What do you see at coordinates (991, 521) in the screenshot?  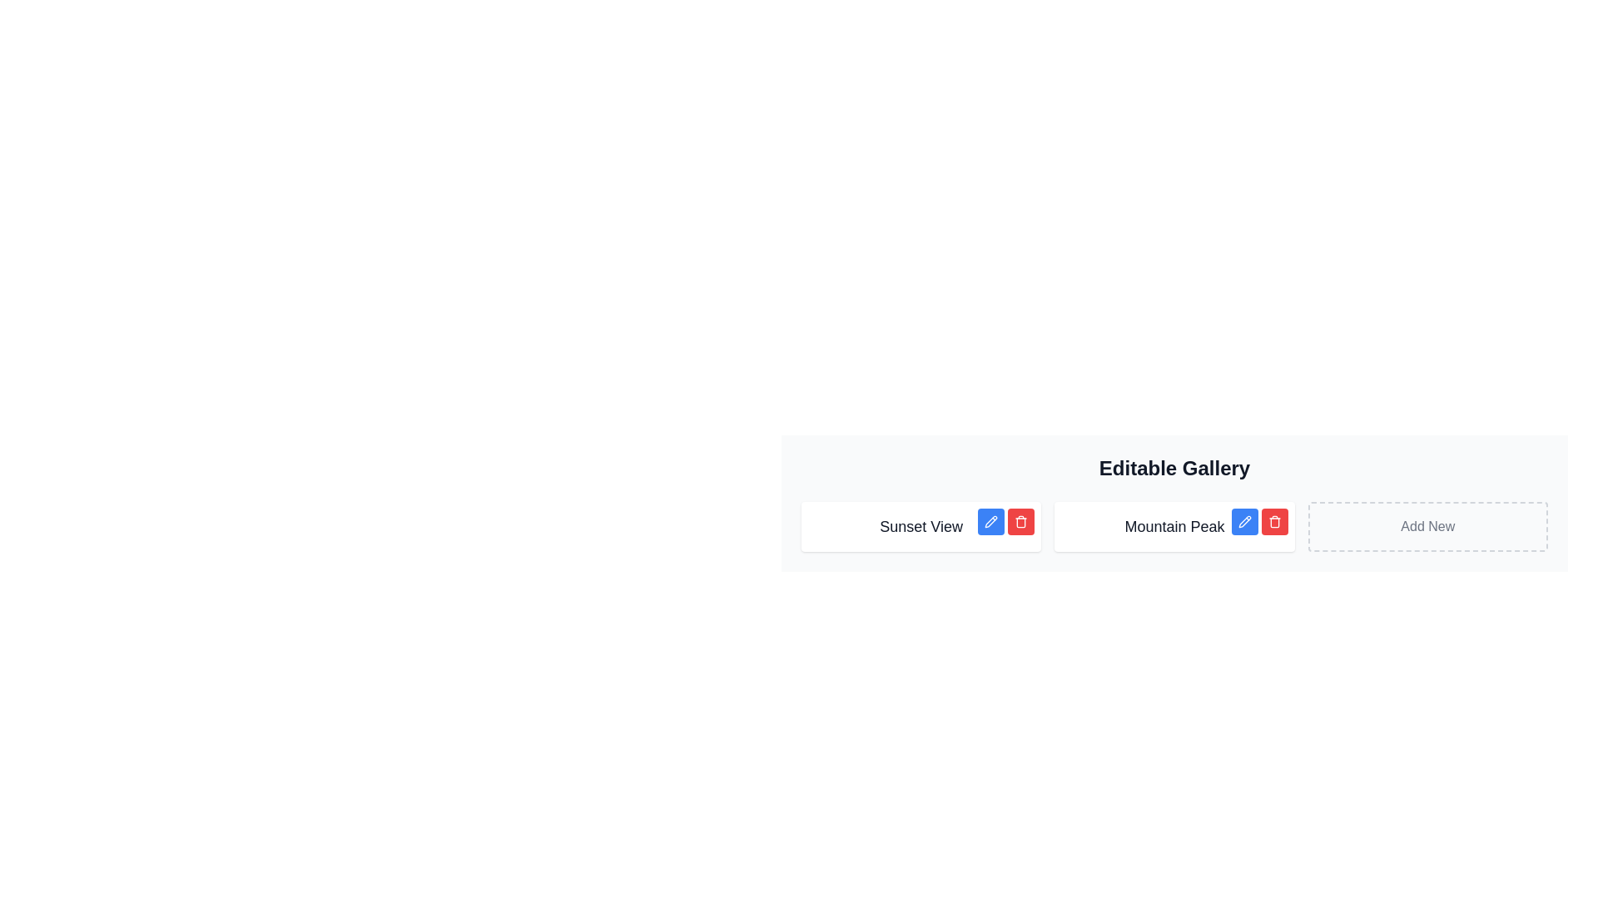 I see `the clickable edit icon associated with the 'Mountain Peak' item` at bounding box center [991, 521].